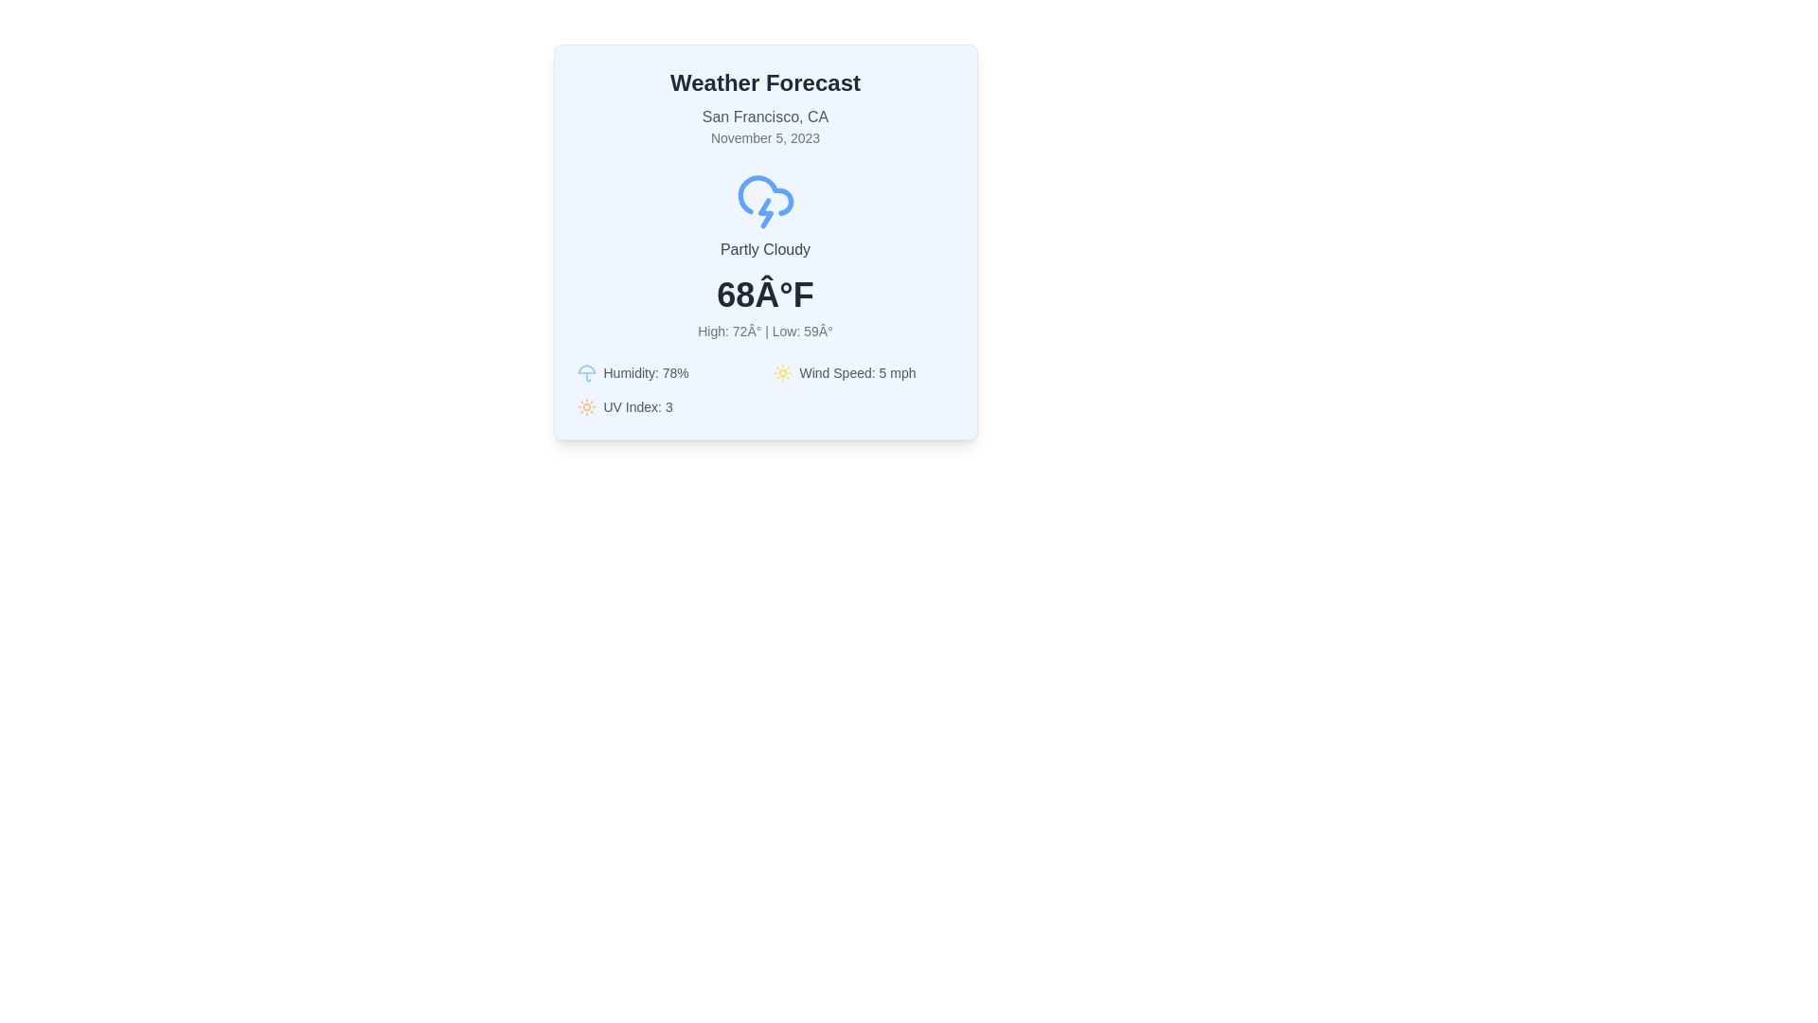 Image resolution: width=1818 pixels, height=1023 pixels. What do you see at coordinates (782, 372) in the screenshot?
I see `the sunny weather icon located to the left of the 'Wind Speed: 5 mph' text in the weather information panel` at bounding box center [782, 372].